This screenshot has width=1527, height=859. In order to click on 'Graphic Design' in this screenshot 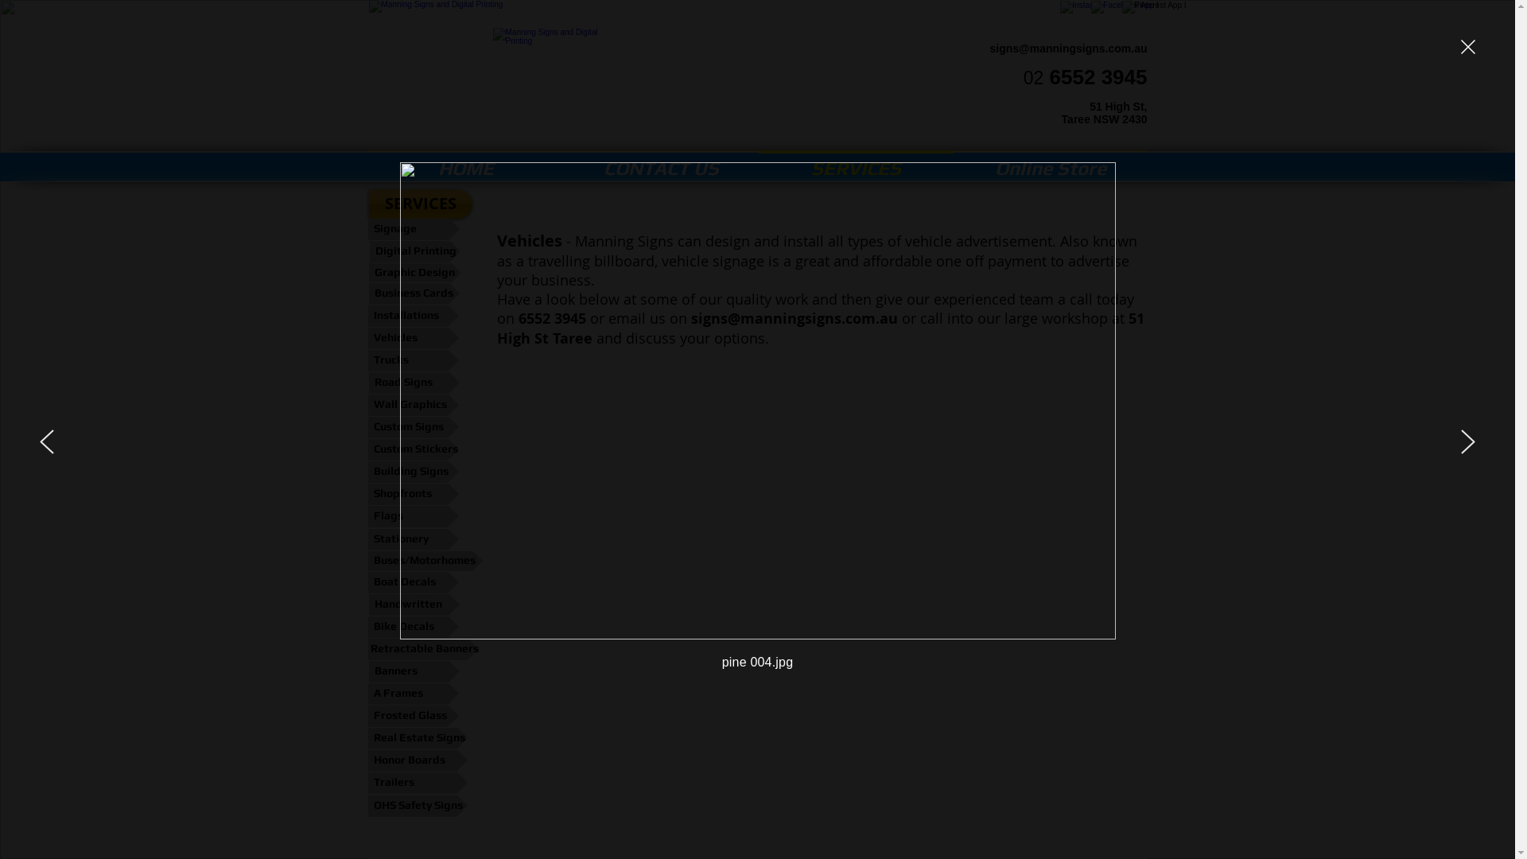, I will do `click(368, 271)`.